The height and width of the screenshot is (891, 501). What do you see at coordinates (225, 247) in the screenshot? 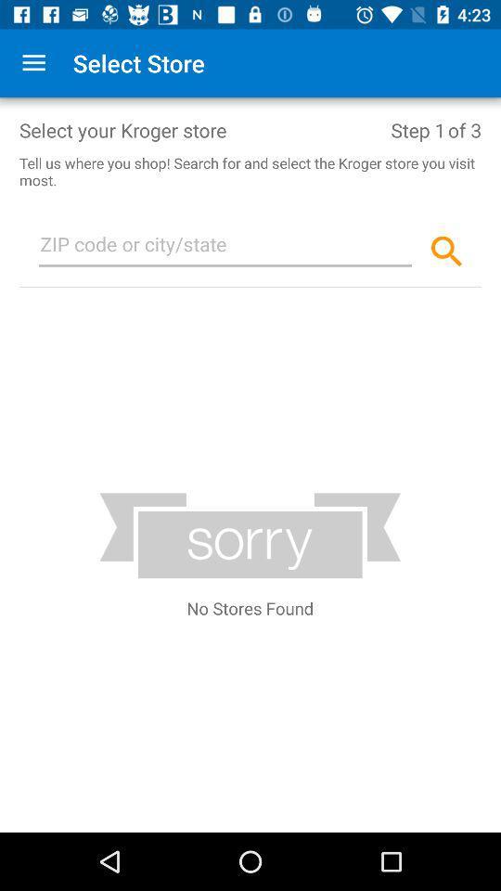
I see `box to enter zip code for closest kroger location` at bounding box center [225, 247].